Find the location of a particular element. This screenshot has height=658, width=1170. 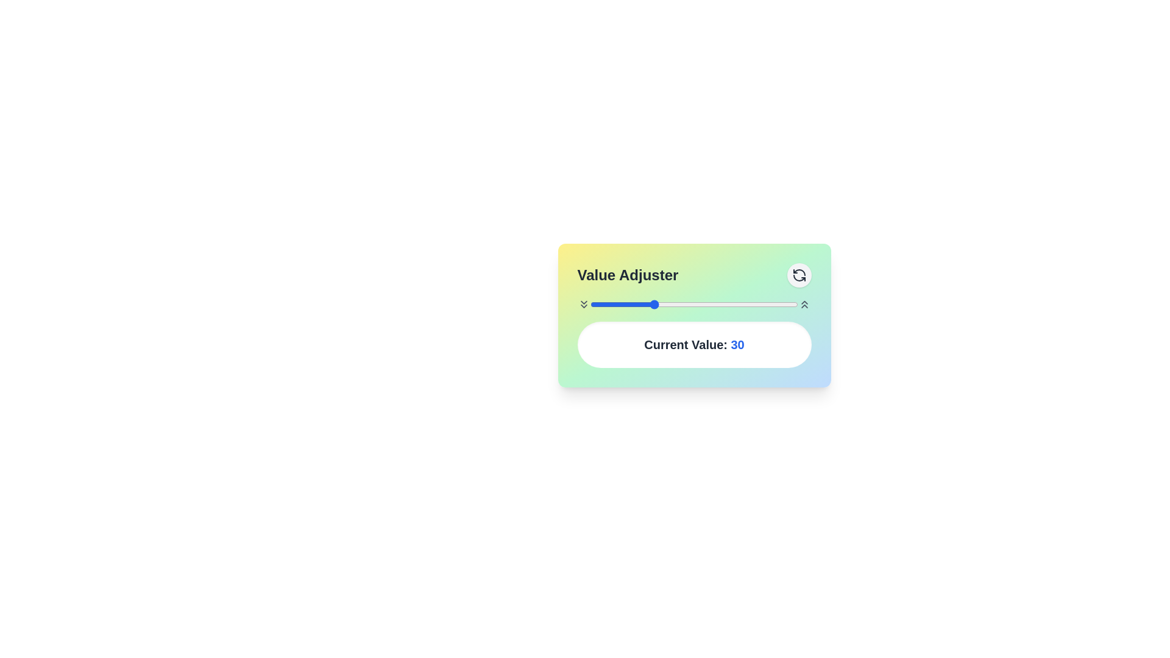

the slider to set the value to 98 is located at coordinates (794, 304).